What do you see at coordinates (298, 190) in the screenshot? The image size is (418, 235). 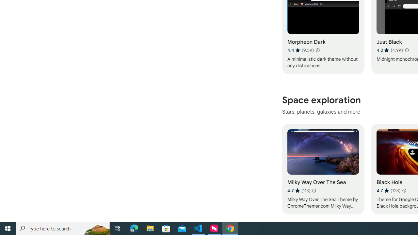 I see `'Average rating 4.7 out of 5 stars. 113 ratings.'` at bounding box center [298, 190].